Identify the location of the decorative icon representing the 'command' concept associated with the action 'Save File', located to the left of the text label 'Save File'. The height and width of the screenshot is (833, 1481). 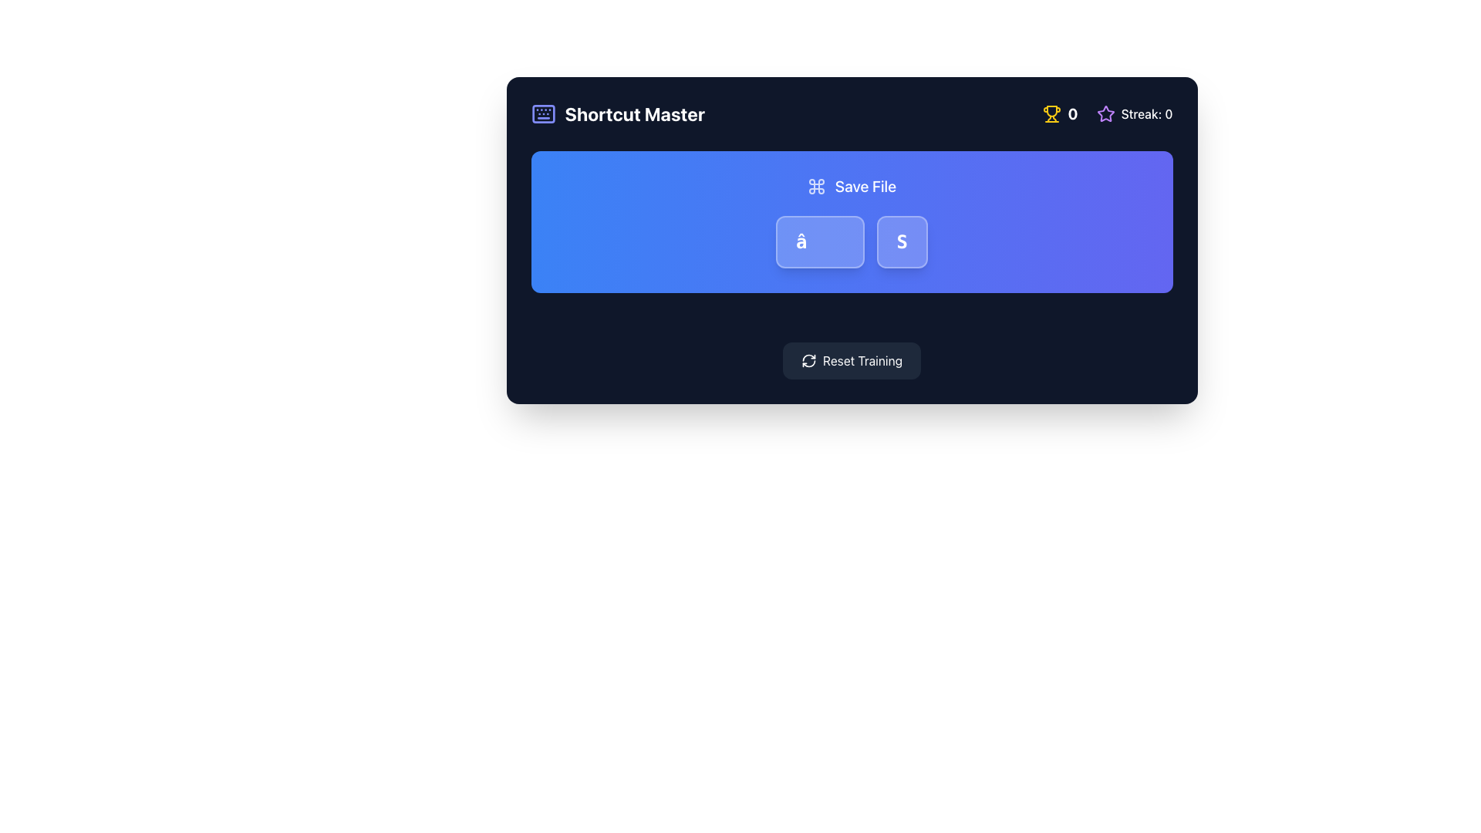
(815, 186).